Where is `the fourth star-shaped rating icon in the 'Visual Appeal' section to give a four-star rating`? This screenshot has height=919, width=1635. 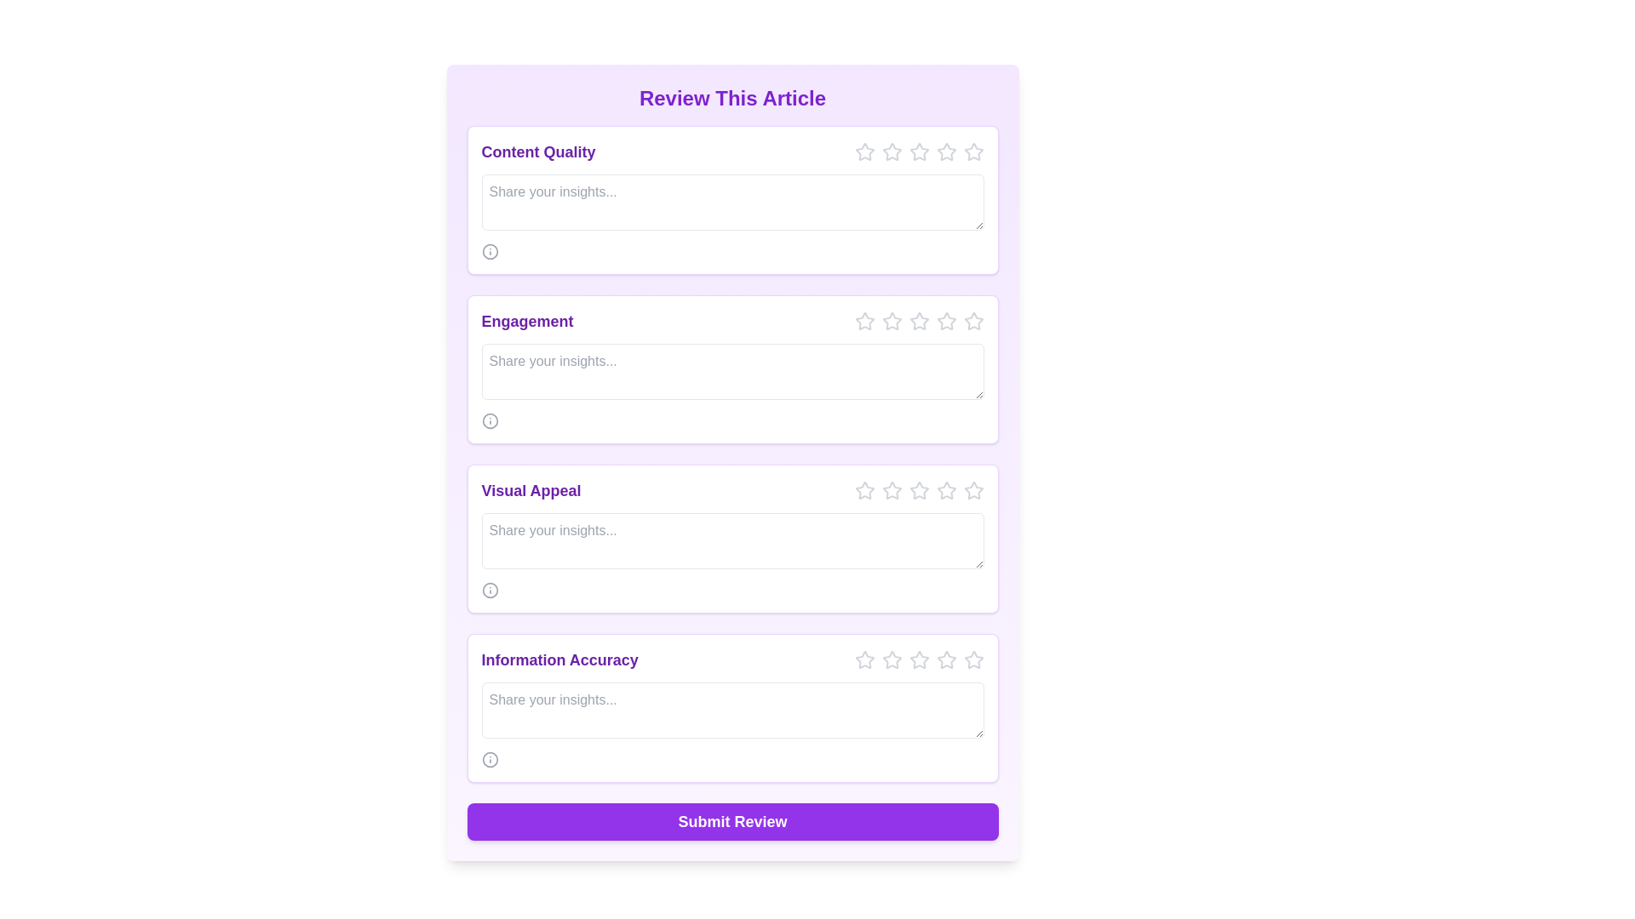 the fourth star-shaped rating icon in the 'Visual Appeal' section to give a four-star rating is located at coordinates (918, 489).